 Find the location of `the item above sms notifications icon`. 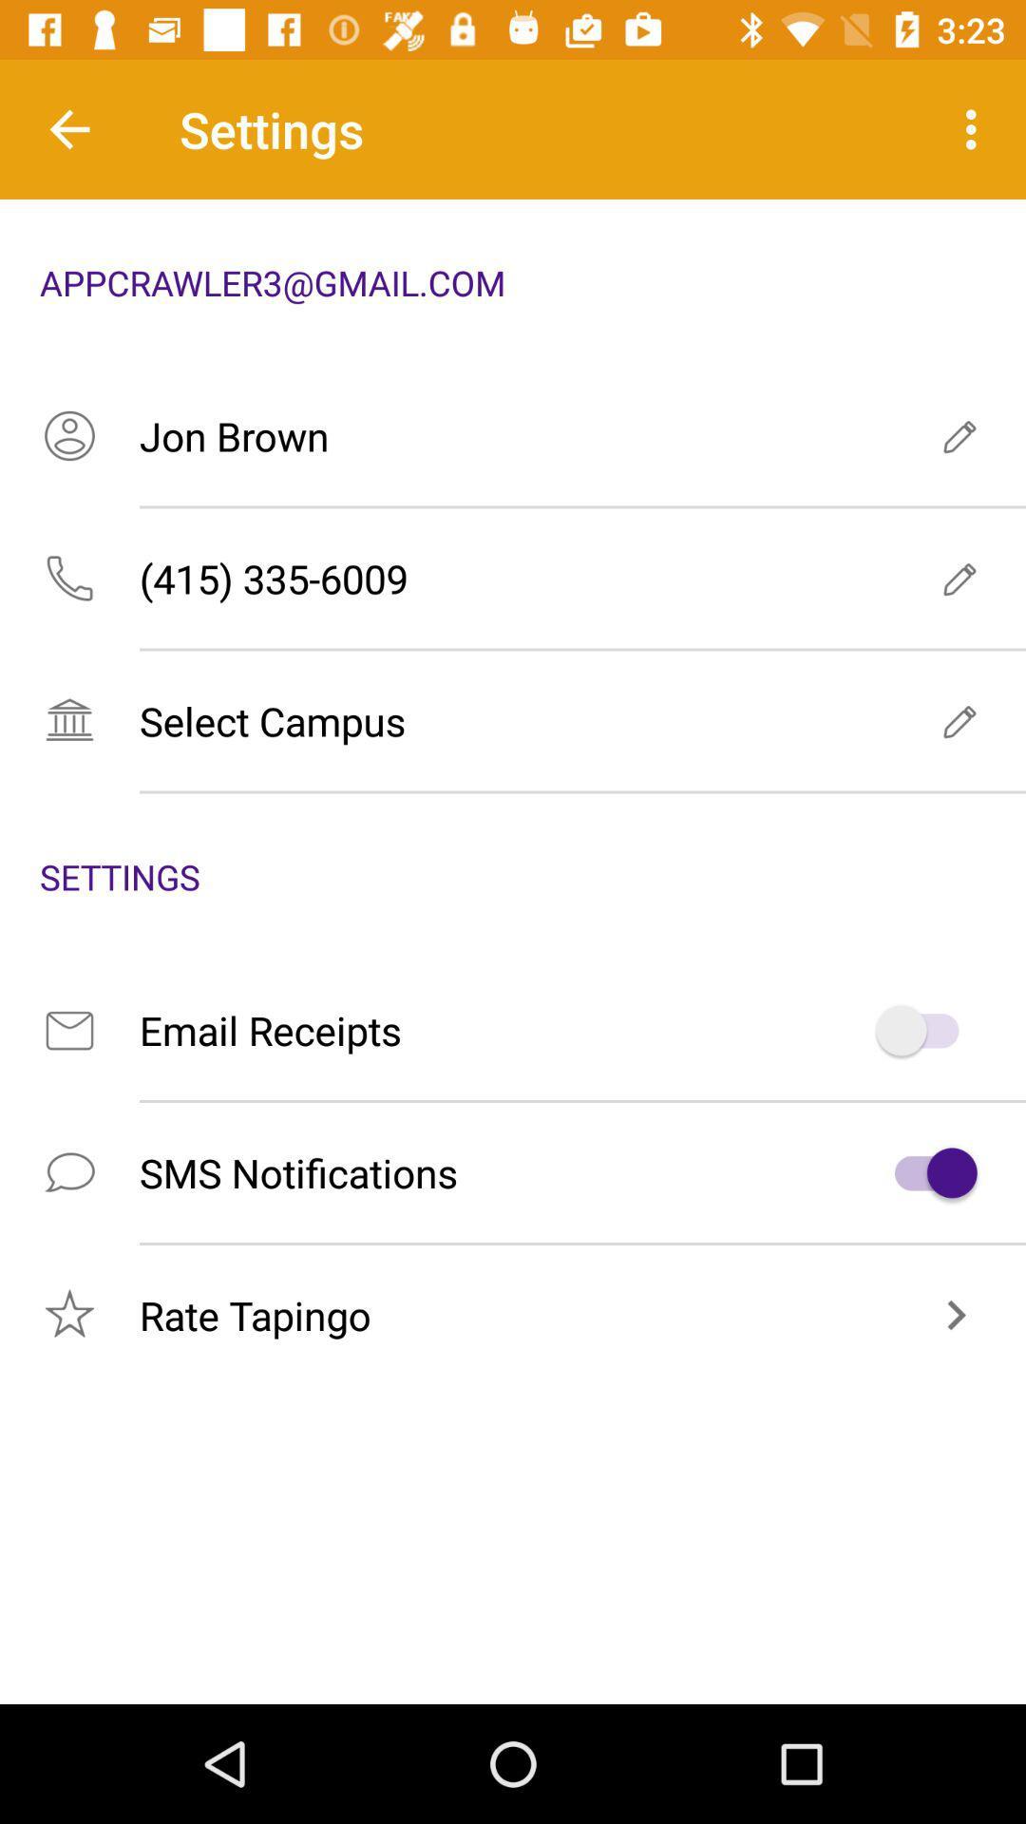

the item above sms notifications icon is located at coordinates (513, 1029).